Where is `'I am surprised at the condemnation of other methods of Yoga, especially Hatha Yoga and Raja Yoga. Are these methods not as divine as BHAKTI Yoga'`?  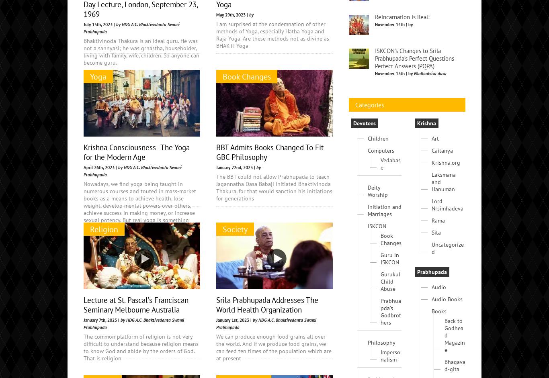
'I am surprised at the condemnation of other methods of Yoga, especially Hatha Yoga and Raja Yoga. Are these methods not as divine as BHAKTI Yoga' is located at coordinates (272, 35).